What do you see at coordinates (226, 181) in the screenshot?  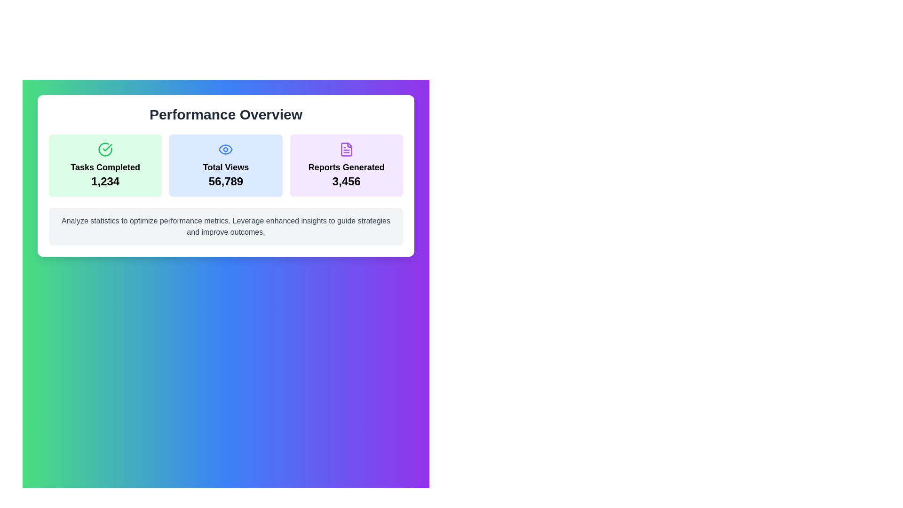 I see `the text display showing the number '56,789' in bold, located at the bottom-center of the blue card labeled 'Total Views'` at bounding box center [226, 181].